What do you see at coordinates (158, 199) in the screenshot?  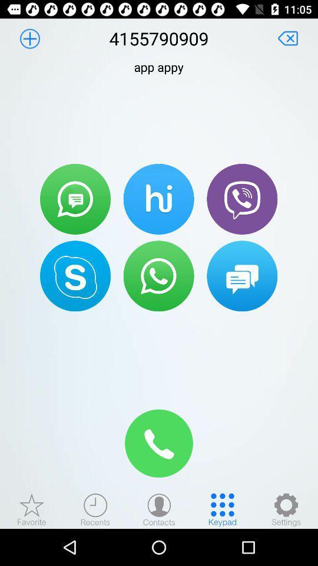 I see `choose hi app` at bounding box center [158, 199].